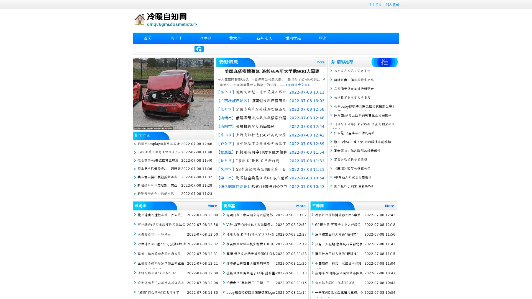  Describe the element at coordinates (199, 49) in the screenshot. I see `Search` at that location.